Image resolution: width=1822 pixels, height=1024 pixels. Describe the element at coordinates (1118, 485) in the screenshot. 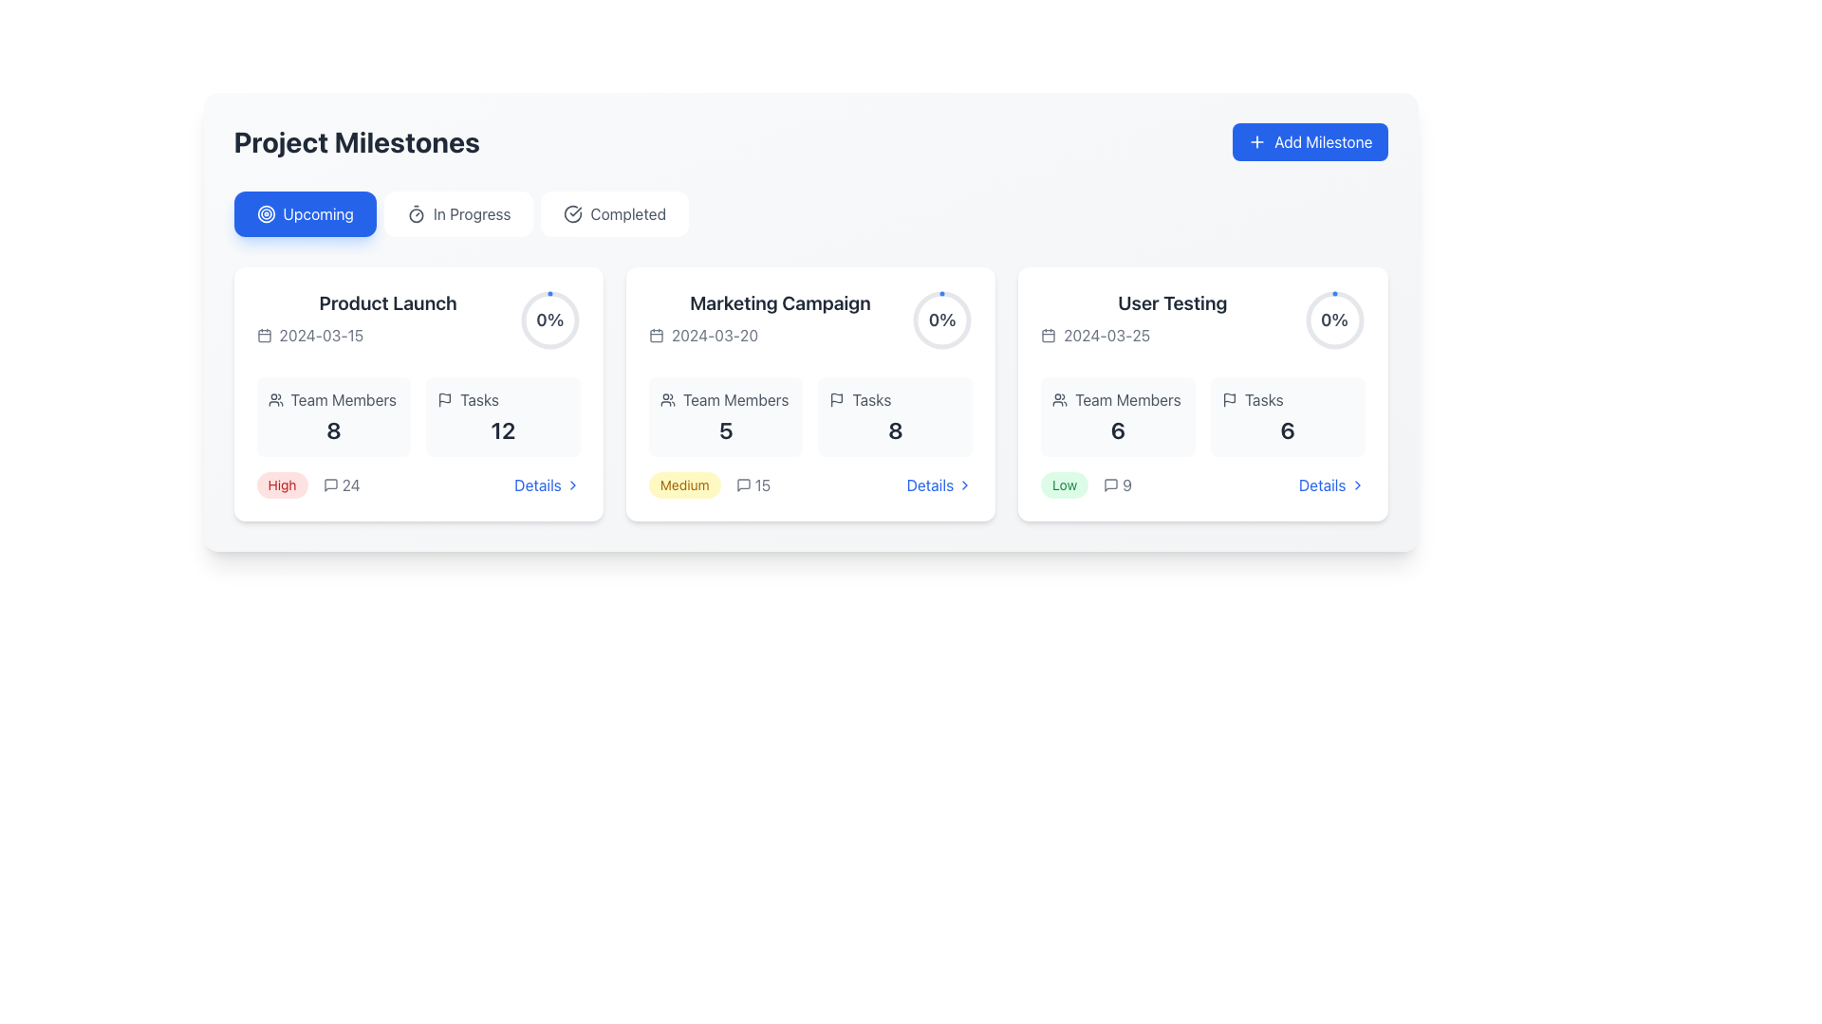

I see `the numeric text label displaying '9' that indicates the number of comments for the 'User Testing' task, located next to the 'Low' priority indicator` at that location.